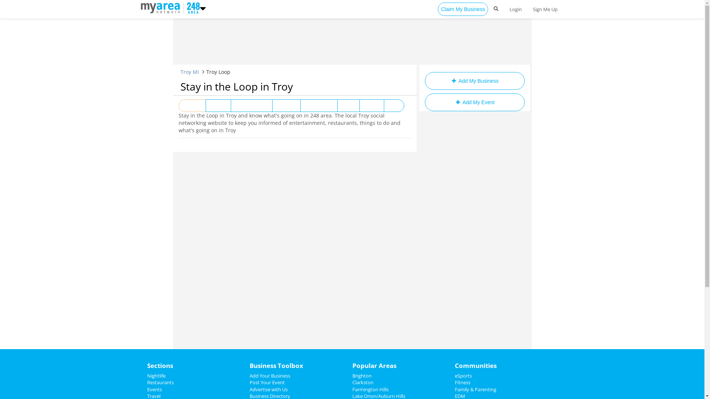  What do you see at coordinates (268, 389) in the screenshot?
I see `'Advertise with Us'` at bounding box center [268, 389].